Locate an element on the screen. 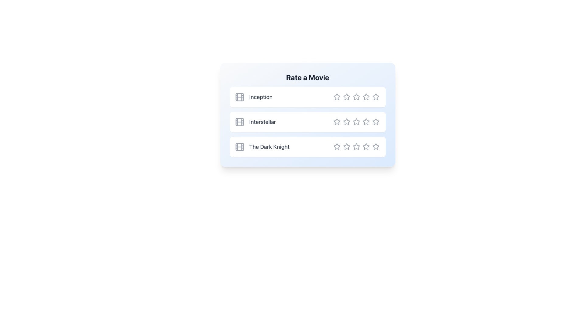 The height and width of the screenshot is (328, 584). the first rating star for 'The Dark Knight', which is a gray hollow star icon is located at coordinates (336, 146).